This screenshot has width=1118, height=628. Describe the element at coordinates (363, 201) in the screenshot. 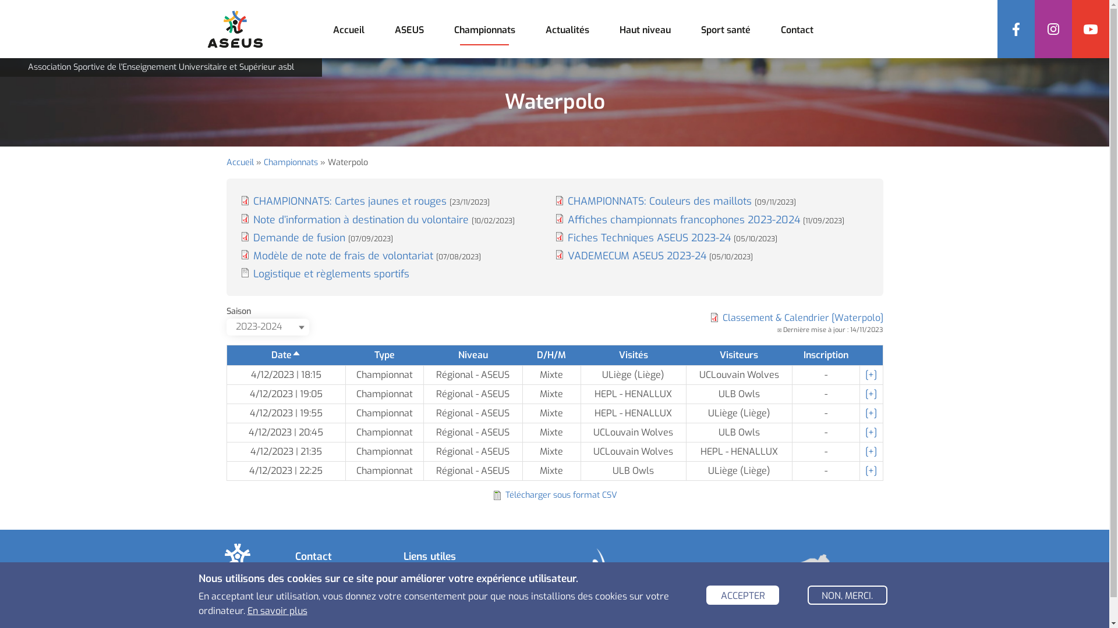

I see `'CHAMPIONNATS: Cartes jaunes et rouges [23/11/2023]'` at that location.